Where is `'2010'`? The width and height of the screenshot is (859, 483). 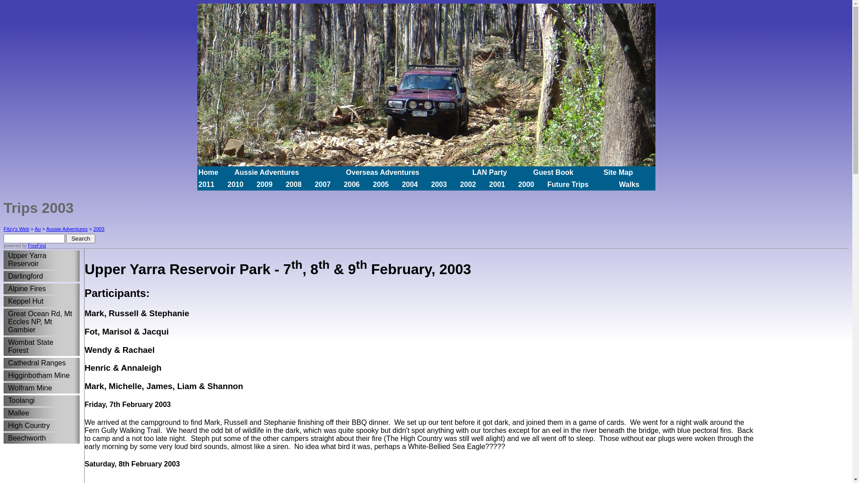 '2010' is located at coordinates (235, 184).